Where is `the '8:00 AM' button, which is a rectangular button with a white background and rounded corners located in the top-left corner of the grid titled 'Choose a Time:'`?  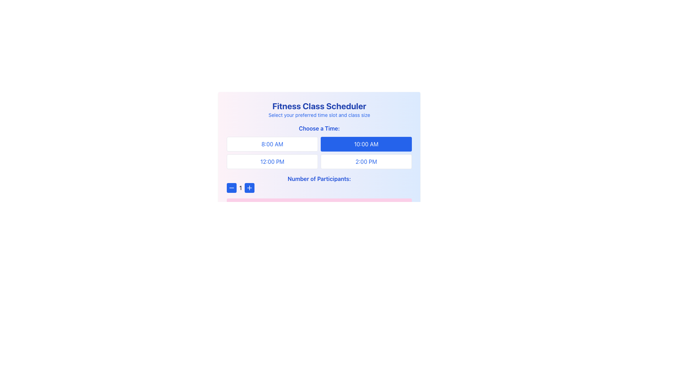
the '8:00 AM' button, which is a rectangular button with a white background and rounded corners located in the top-left corner of the grid titled 'Choose a Time:' is located at coordinates (272, 144).